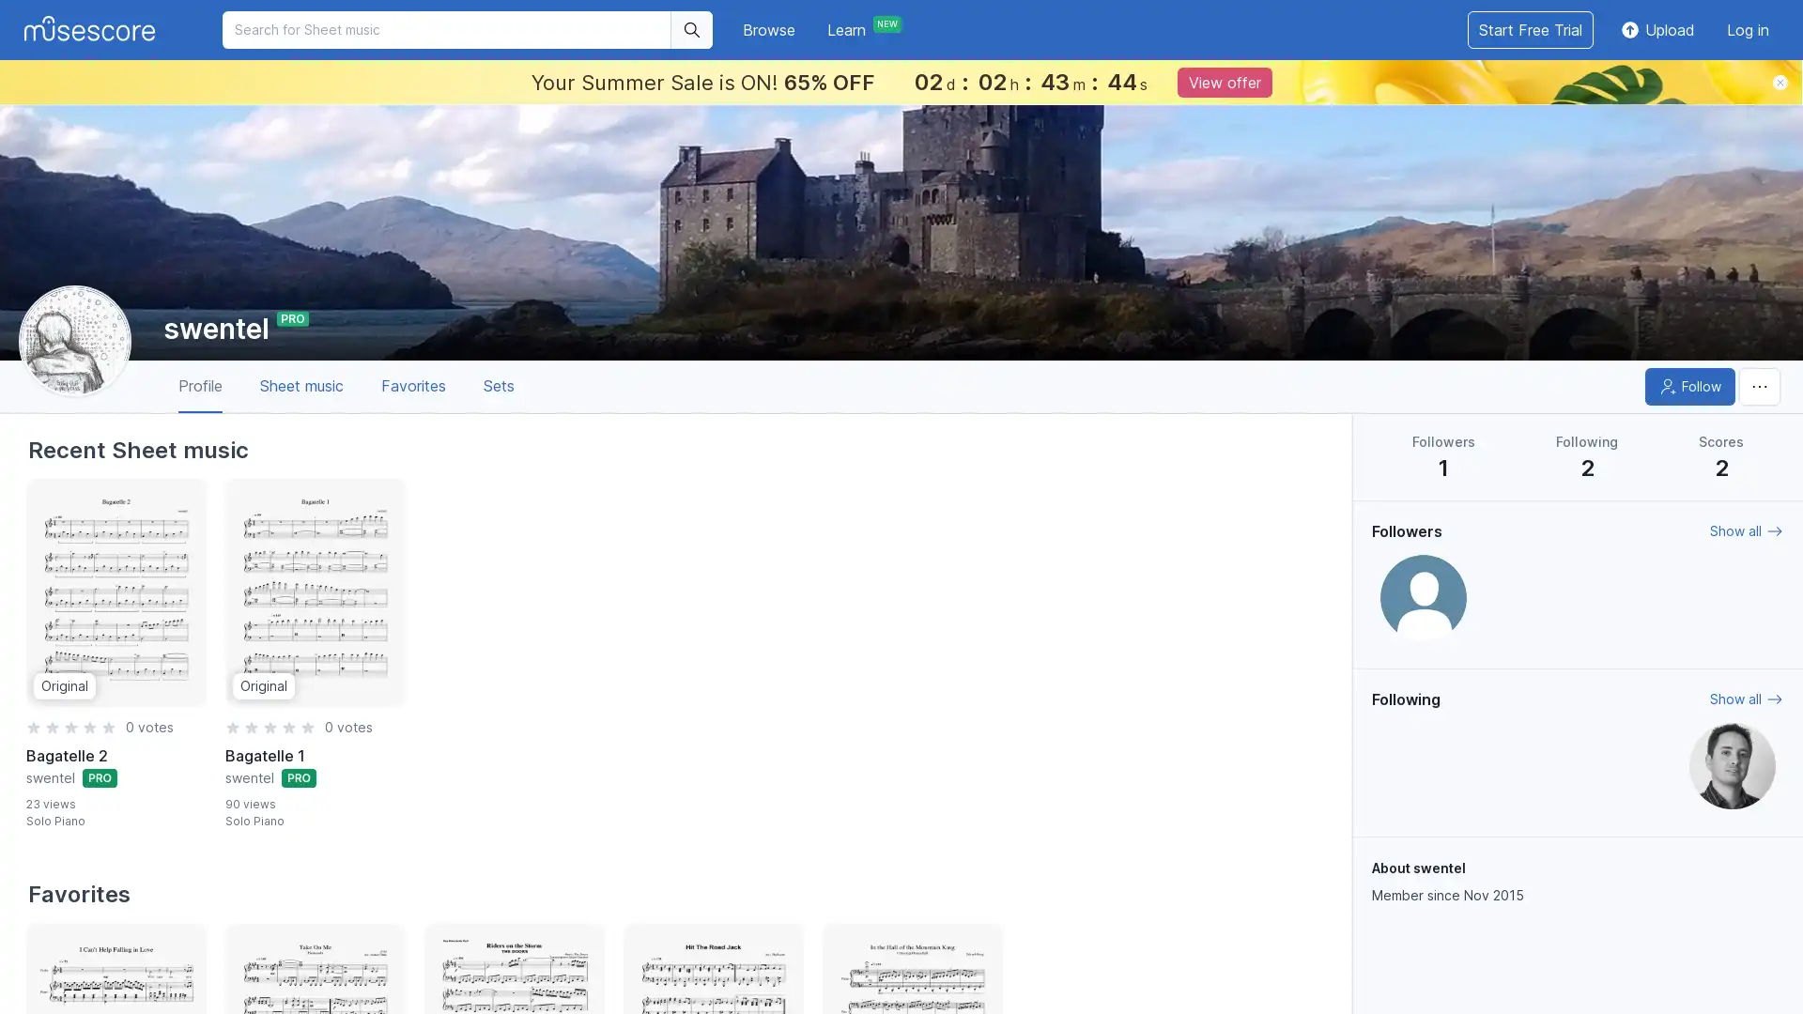 Image resolution: width=1803 pixels, height=1014 pixels. Describe the element at coordinates (1747, 29) in the screenshot. I see `Log in` at that location.